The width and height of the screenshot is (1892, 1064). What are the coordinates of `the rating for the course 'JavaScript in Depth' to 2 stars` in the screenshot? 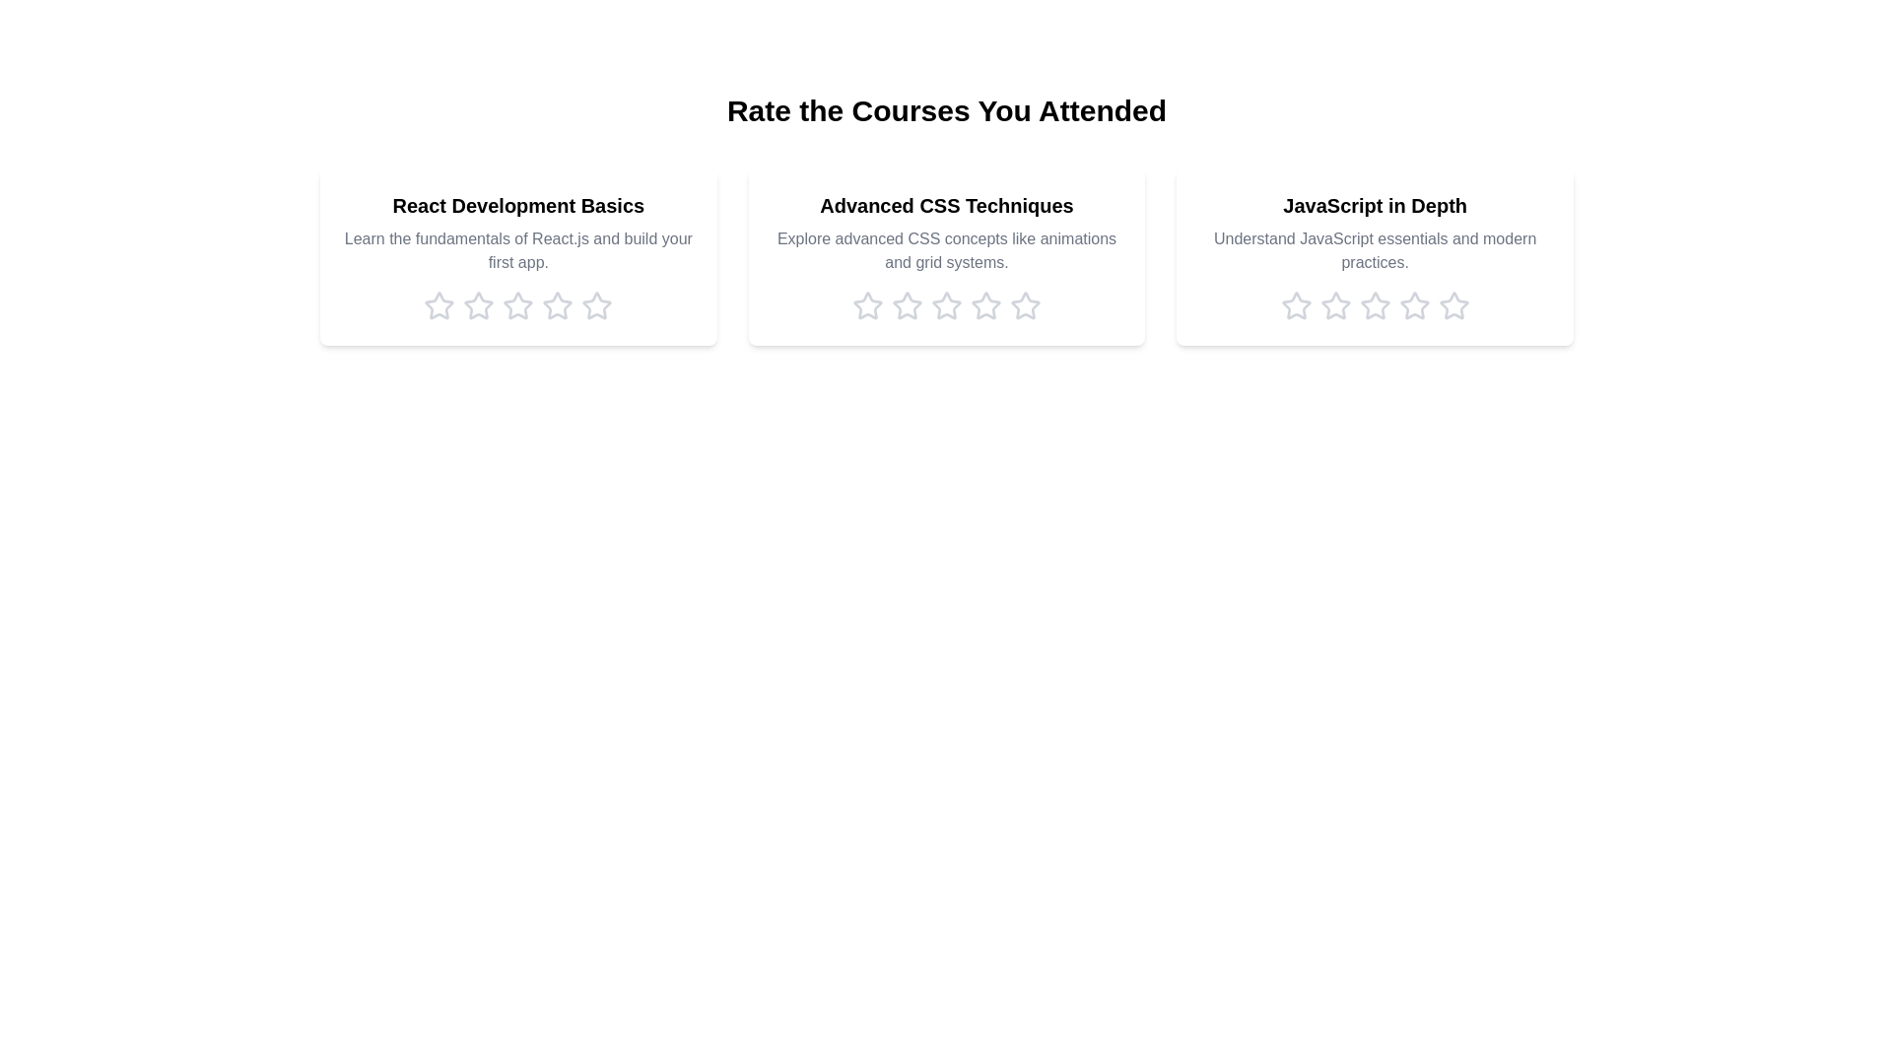 It's located at (1335, 306).